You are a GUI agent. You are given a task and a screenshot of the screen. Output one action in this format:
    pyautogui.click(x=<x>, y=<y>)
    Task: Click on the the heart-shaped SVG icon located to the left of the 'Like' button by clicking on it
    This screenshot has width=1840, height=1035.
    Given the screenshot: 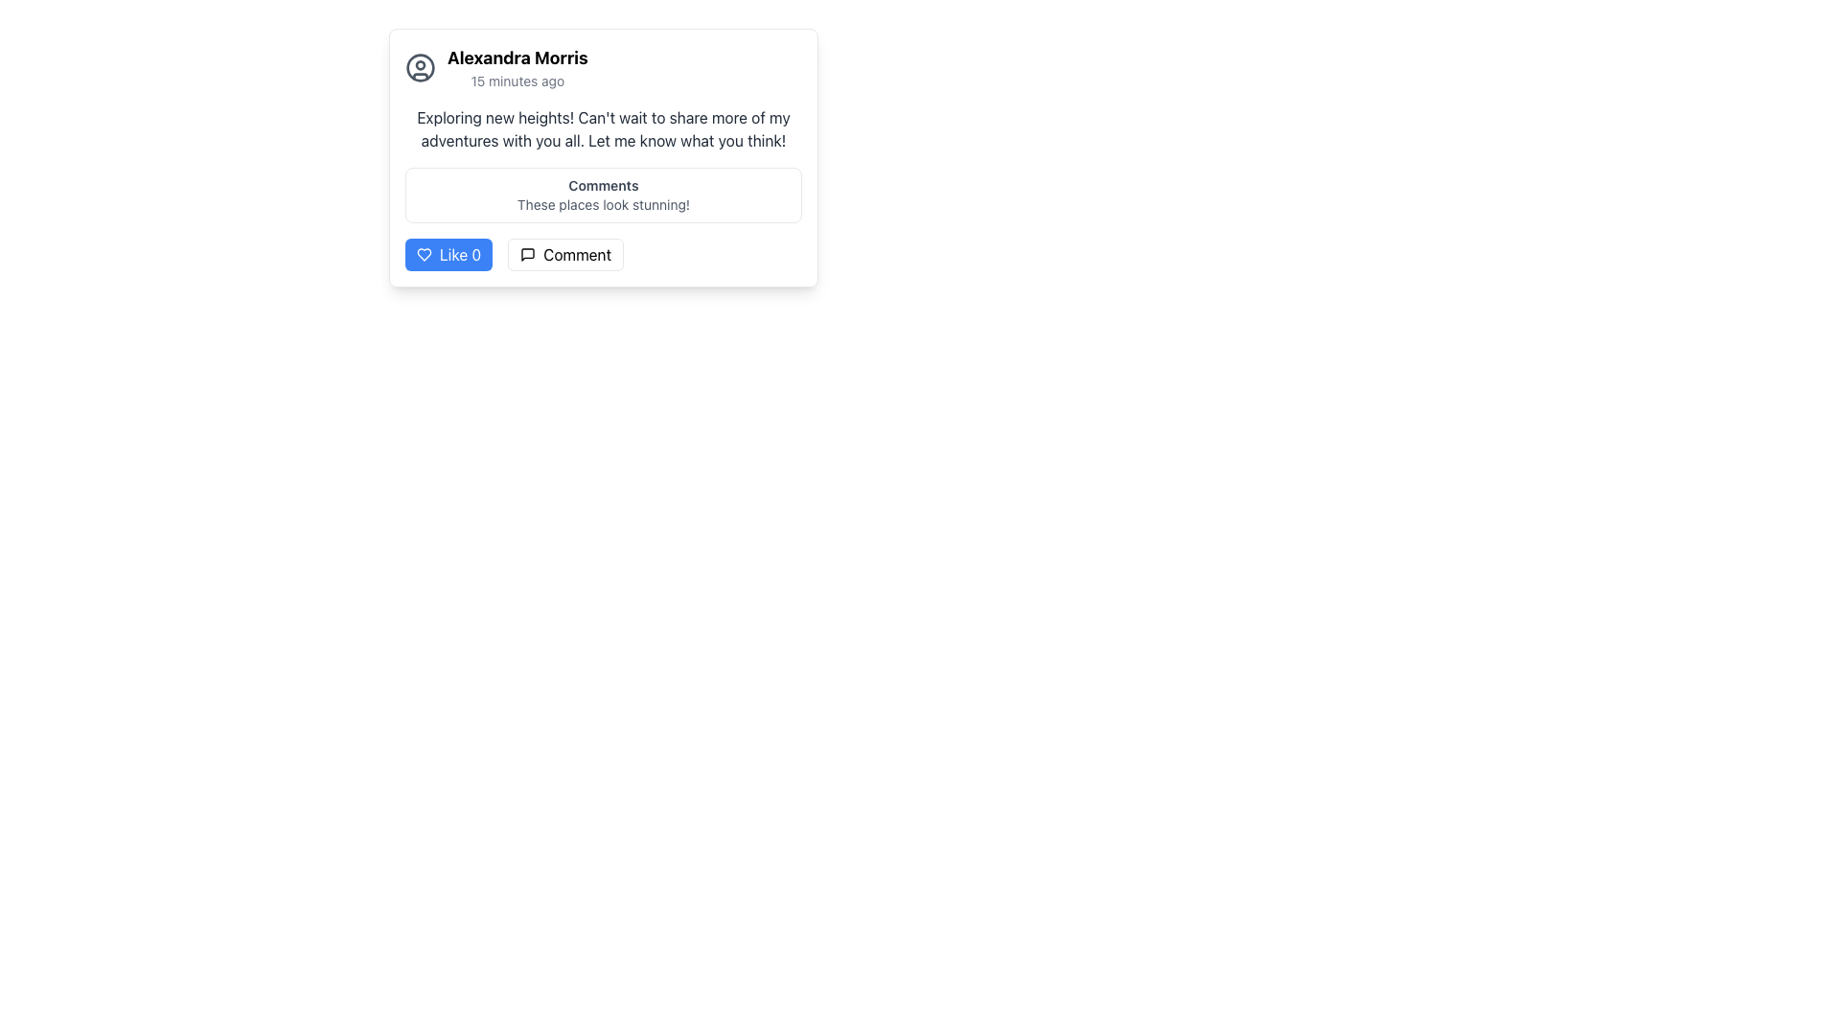 What is the action you would take?
    pyautogui.click(x=423, y=254)
    